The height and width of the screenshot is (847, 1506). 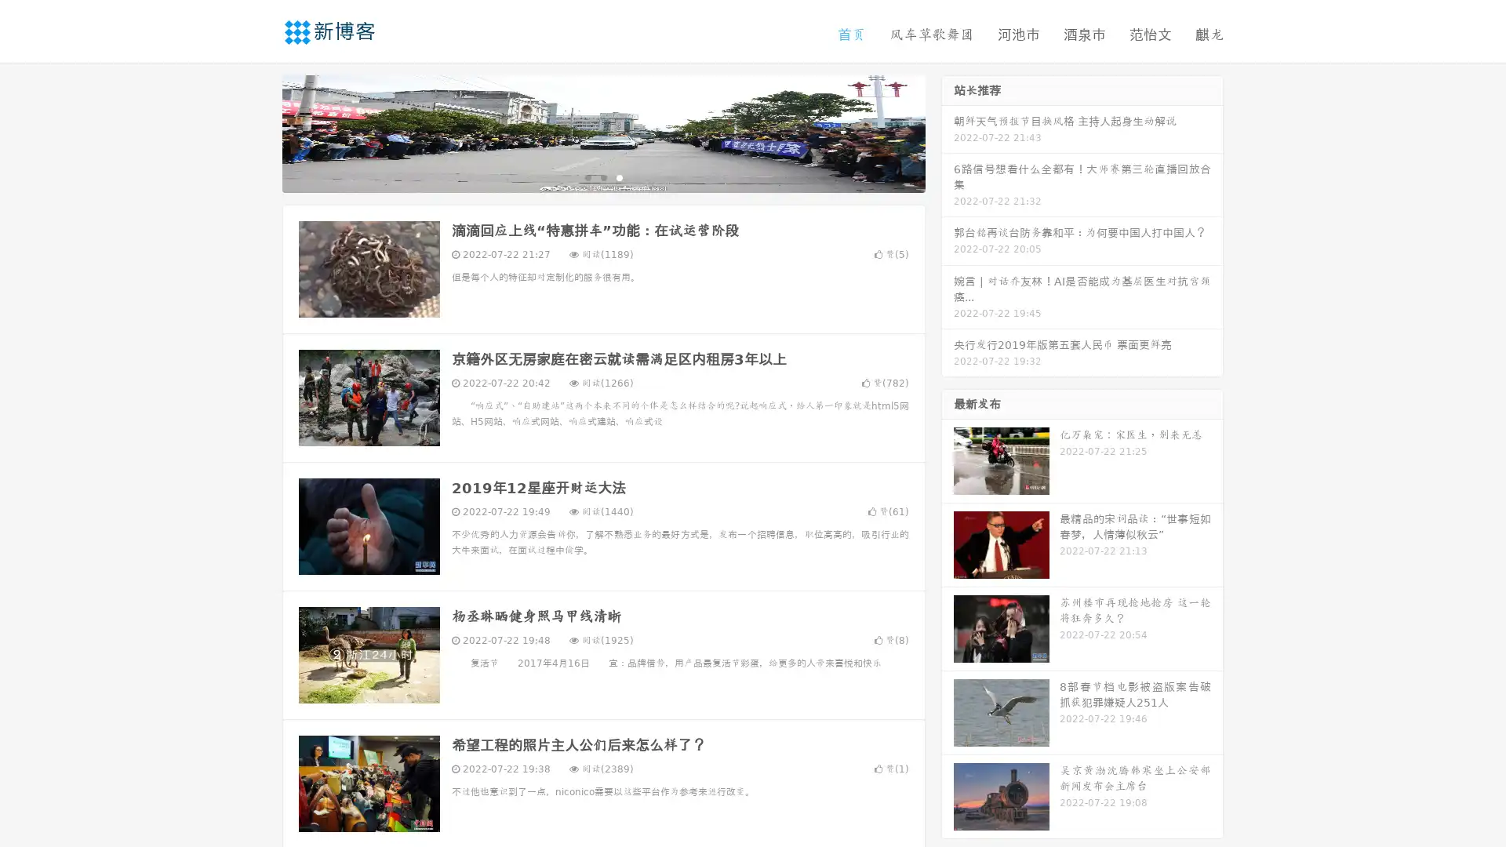 I want to click on Previous slide, so click(x=259, y=132).